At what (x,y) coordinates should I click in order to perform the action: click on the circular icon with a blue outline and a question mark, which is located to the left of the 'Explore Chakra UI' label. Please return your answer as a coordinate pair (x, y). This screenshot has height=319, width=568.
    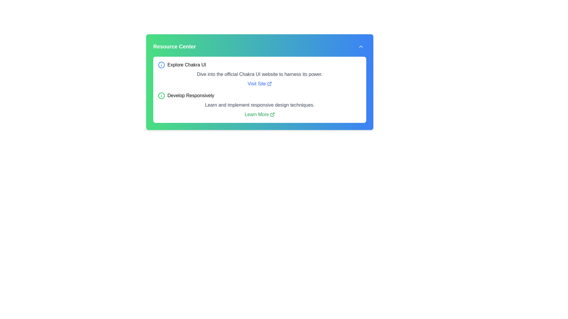
    Looking at the image, I should click on (162, 65).